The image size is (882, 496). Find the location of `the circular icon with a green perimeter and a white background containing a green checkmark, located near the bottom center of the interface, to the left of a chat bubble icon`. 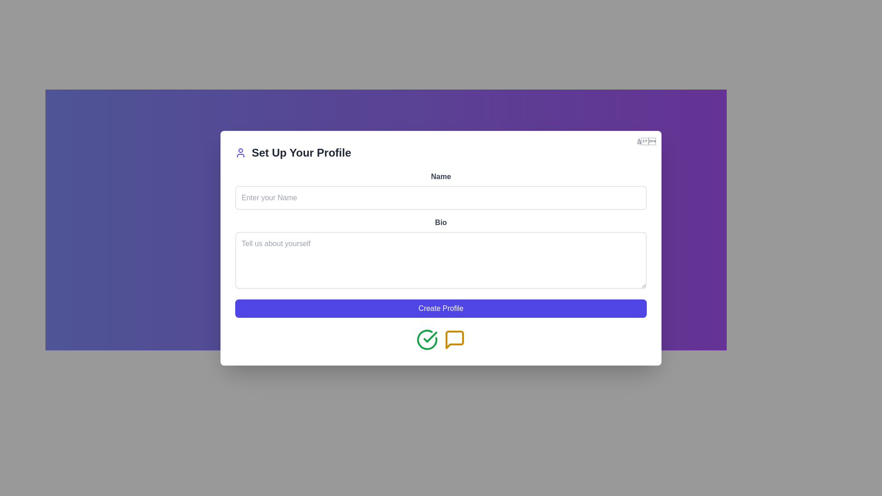

the circular icon with a green perimeter and a white background containing a green checkmark, located near the bottom center of the interface, to the left of a chat bubble icon is located at coordinates (427, 339).